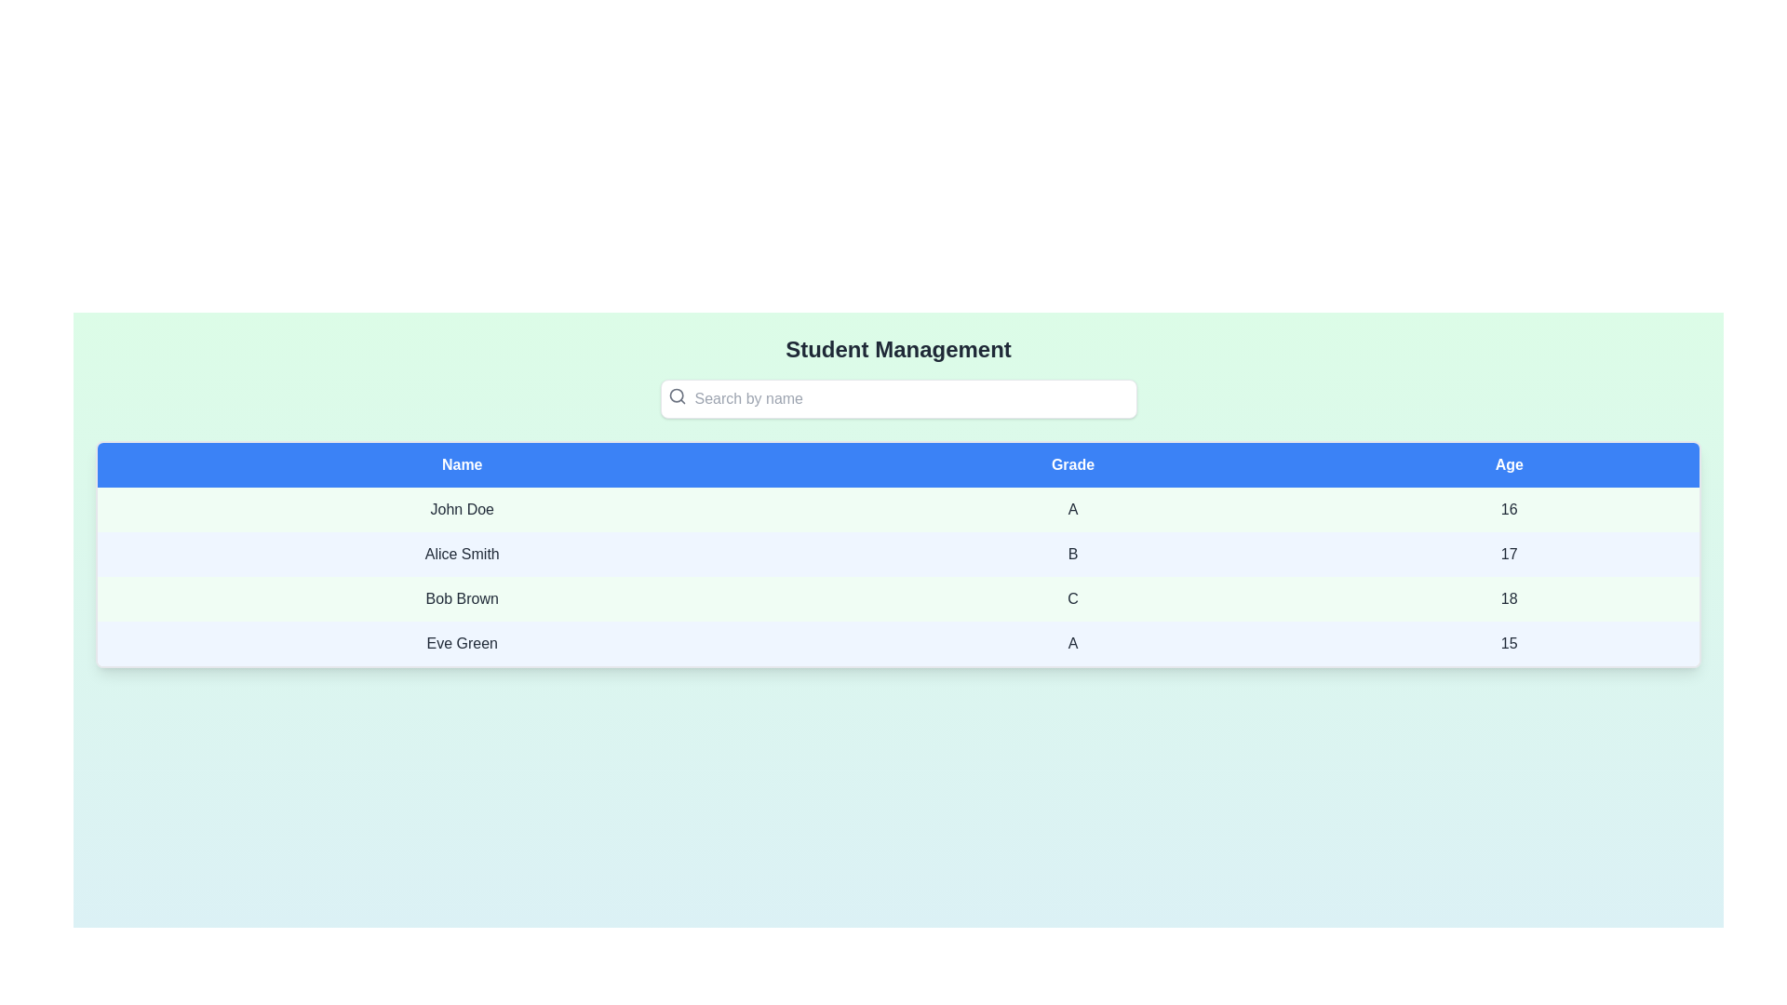 This screenshot has height=1005, width=1787. What do you see at coordinates (462, 509) in the screenshot?
I see `the Static Text element displaying 'John Doe' in the first column of the first row of the data table` at bounding box center [462, 509].